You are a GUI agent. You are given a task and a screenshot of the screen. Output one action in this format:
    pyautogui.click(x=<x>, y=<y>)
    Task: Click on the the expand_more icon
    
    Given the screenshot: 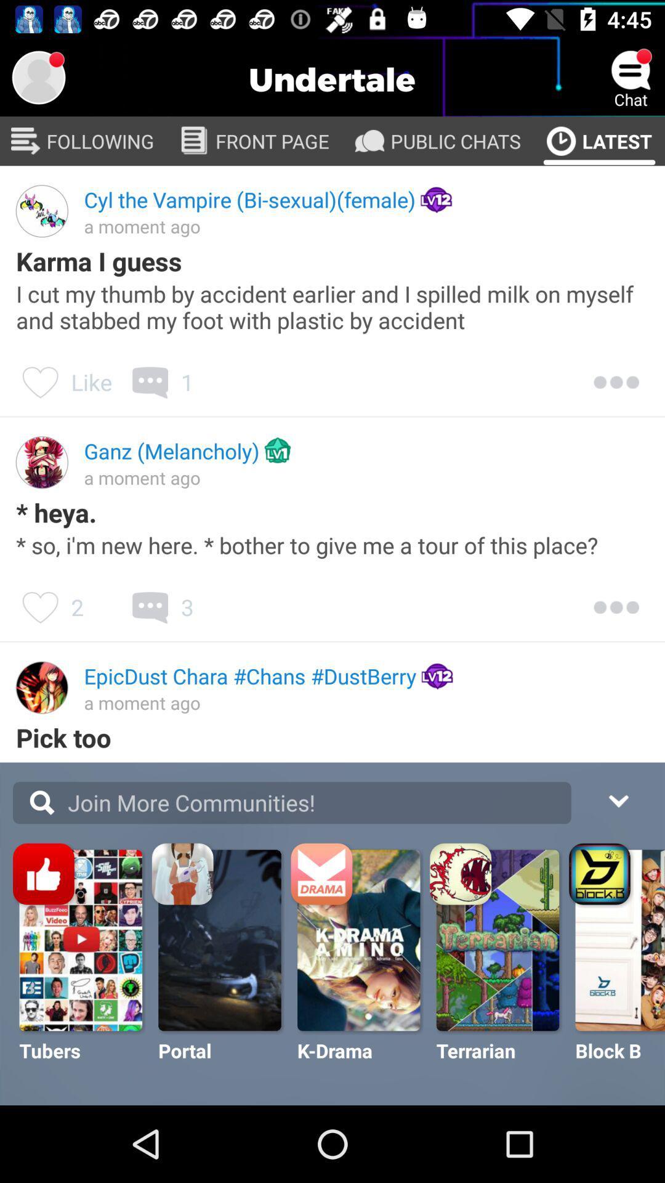 What is the action you would take?
    pyautogui.click(x=618, y=799)
    